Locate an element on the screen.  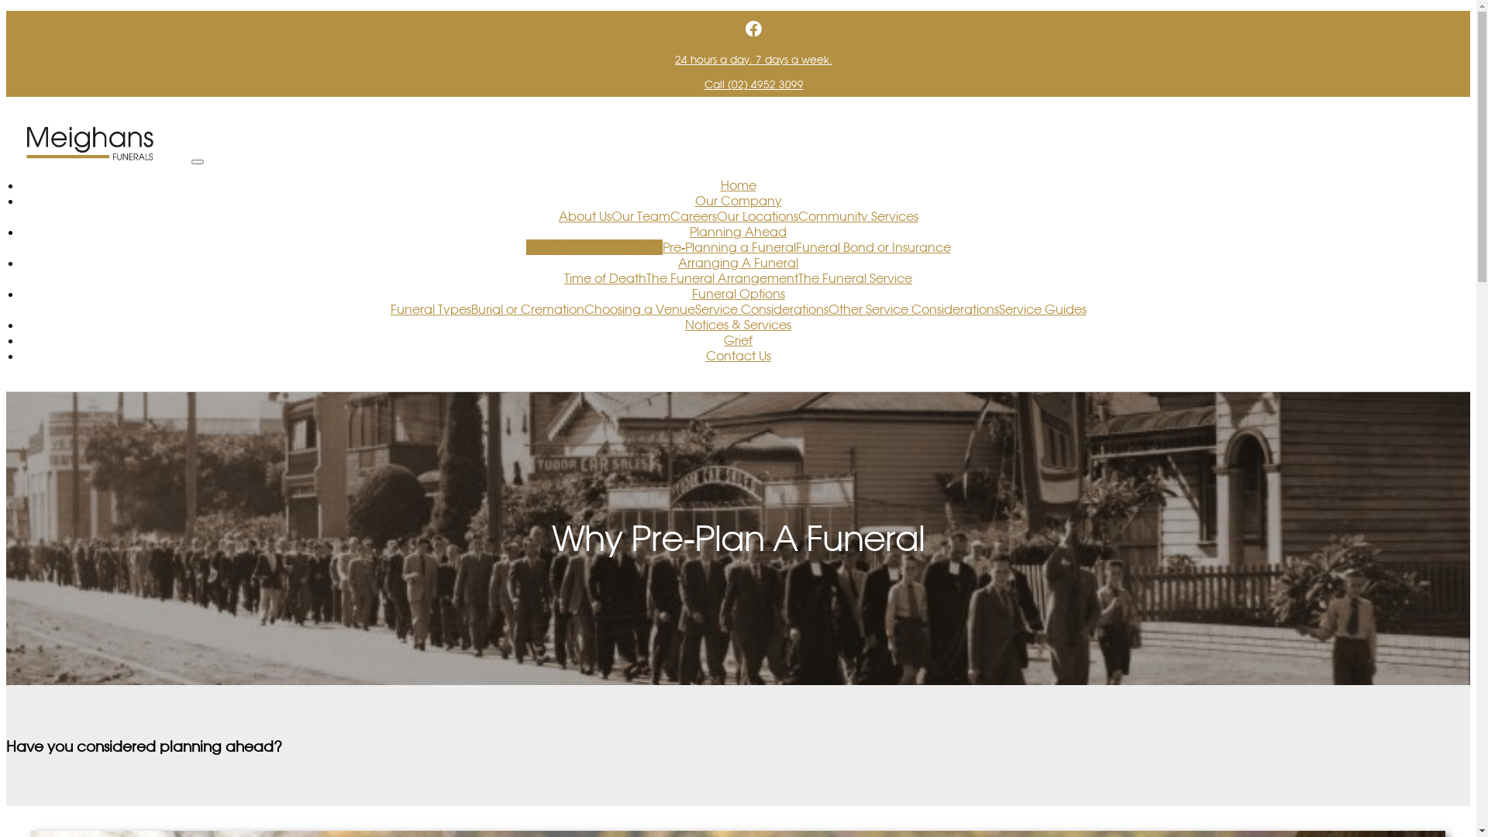
'Burial or Cremation' is located at coordinates (528, 308).